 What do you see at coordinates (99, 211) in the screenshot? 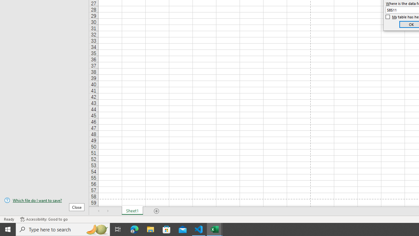
I see `'Scroll Left'` at bounding box center [99, 211].